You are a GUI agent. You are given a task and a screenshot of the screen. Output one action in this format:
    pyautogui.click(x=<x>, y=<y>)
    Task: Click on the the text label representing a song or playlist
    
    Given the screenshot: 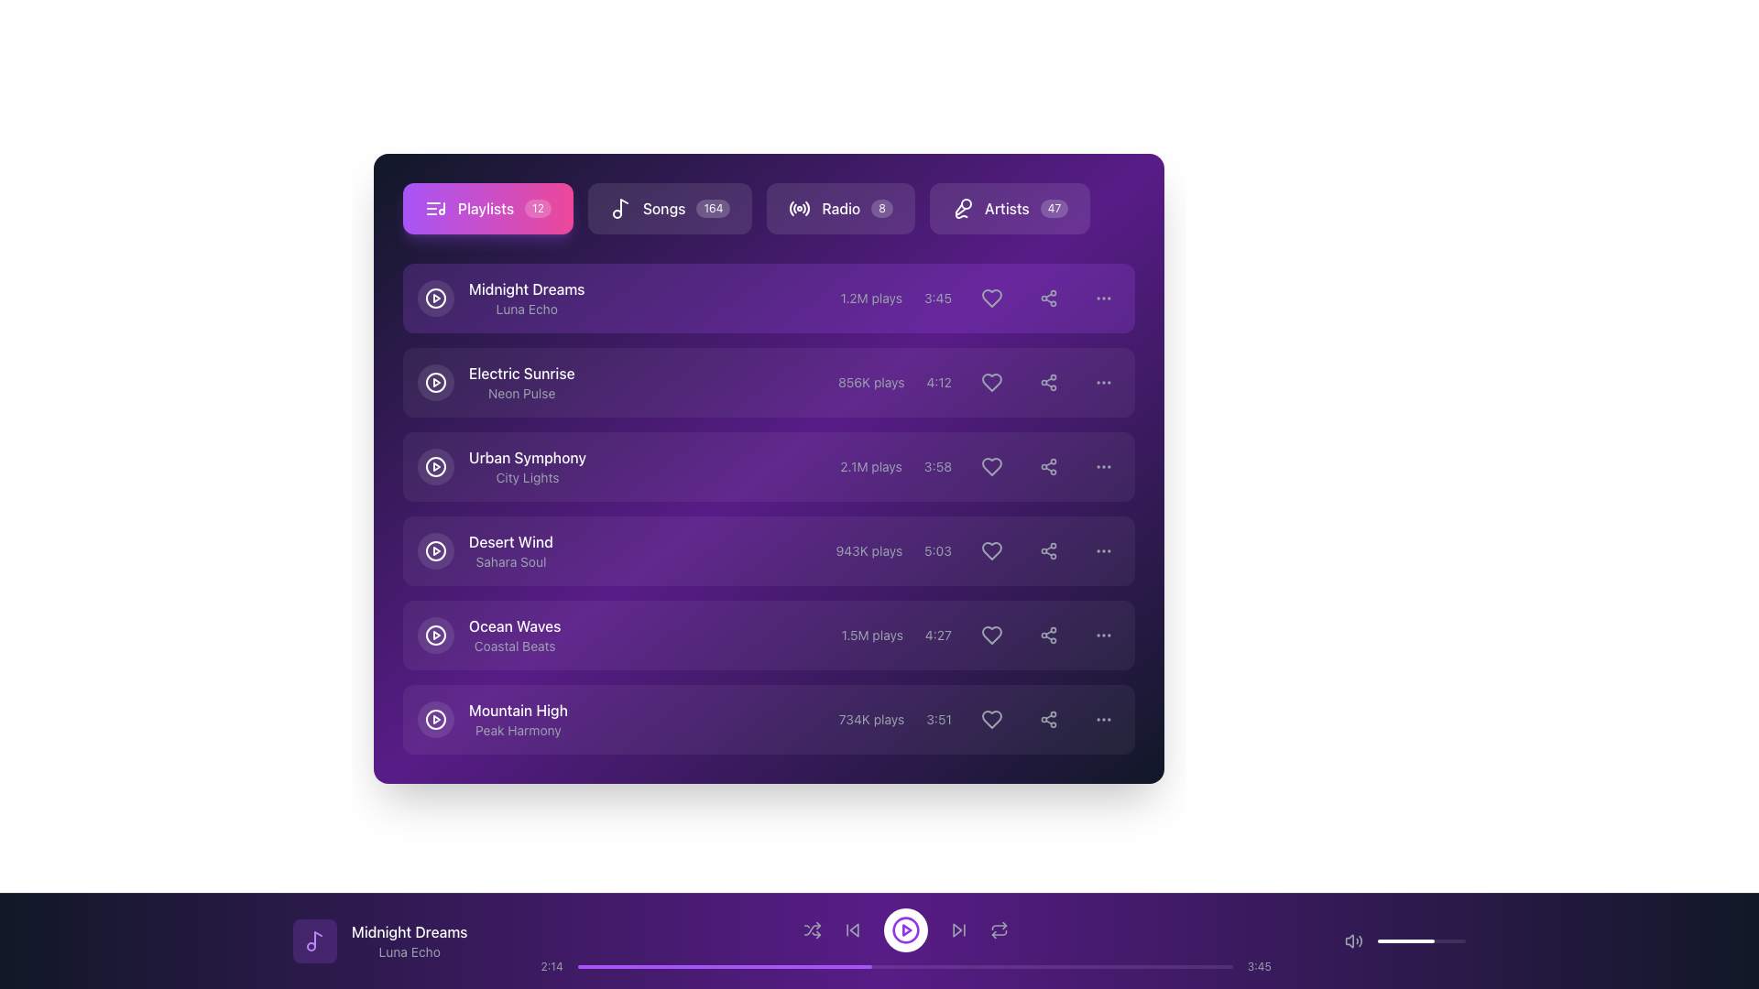 What is the action you would take?
    pyautogui.click(x=518, y=719)
    